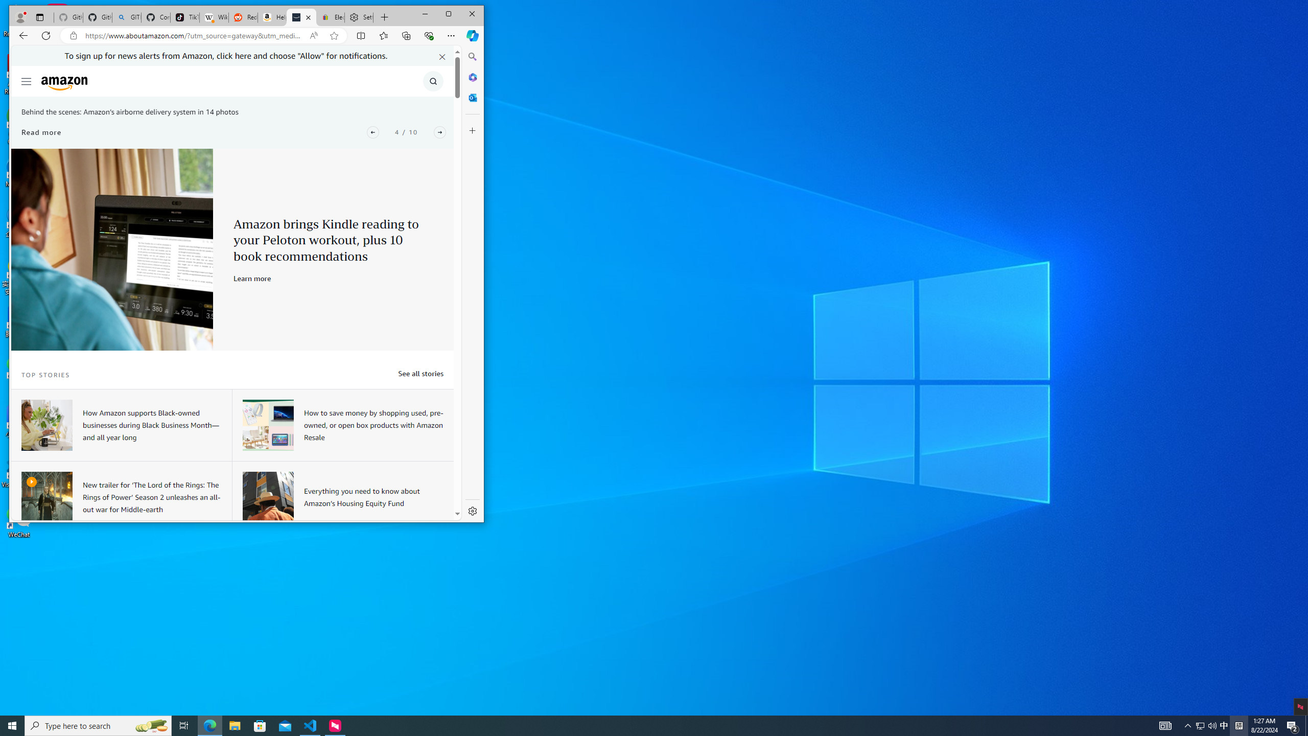 Image resolution: width=1308 pixels, height=736 pixels. I want to click on 'Reddit - Dive into anything', so click(242, 17).